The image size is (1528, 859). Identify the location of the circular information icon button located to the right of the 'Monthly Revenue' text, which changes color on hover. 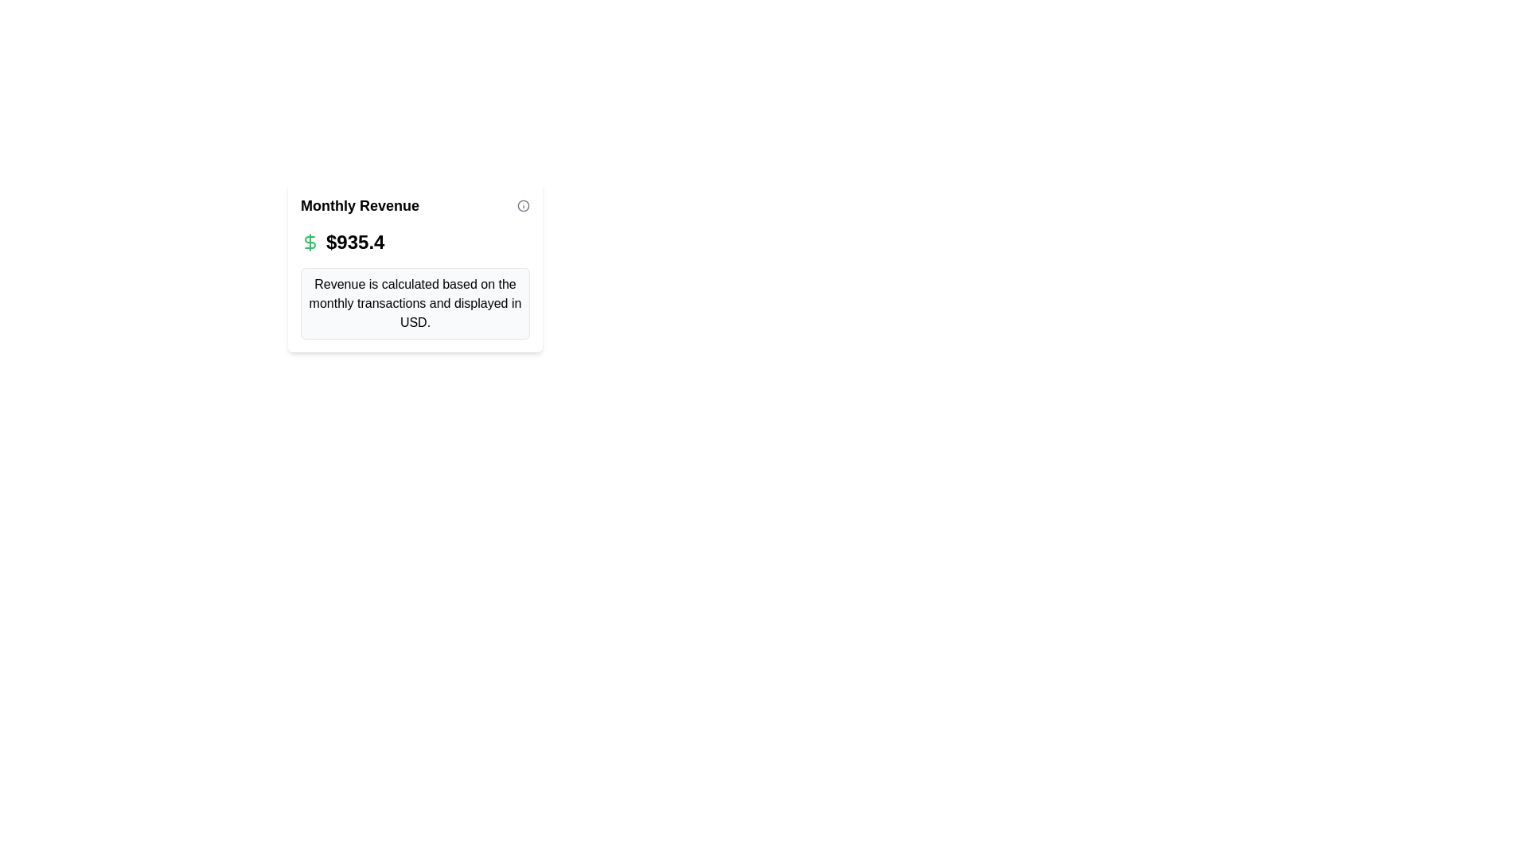
(523, 204).